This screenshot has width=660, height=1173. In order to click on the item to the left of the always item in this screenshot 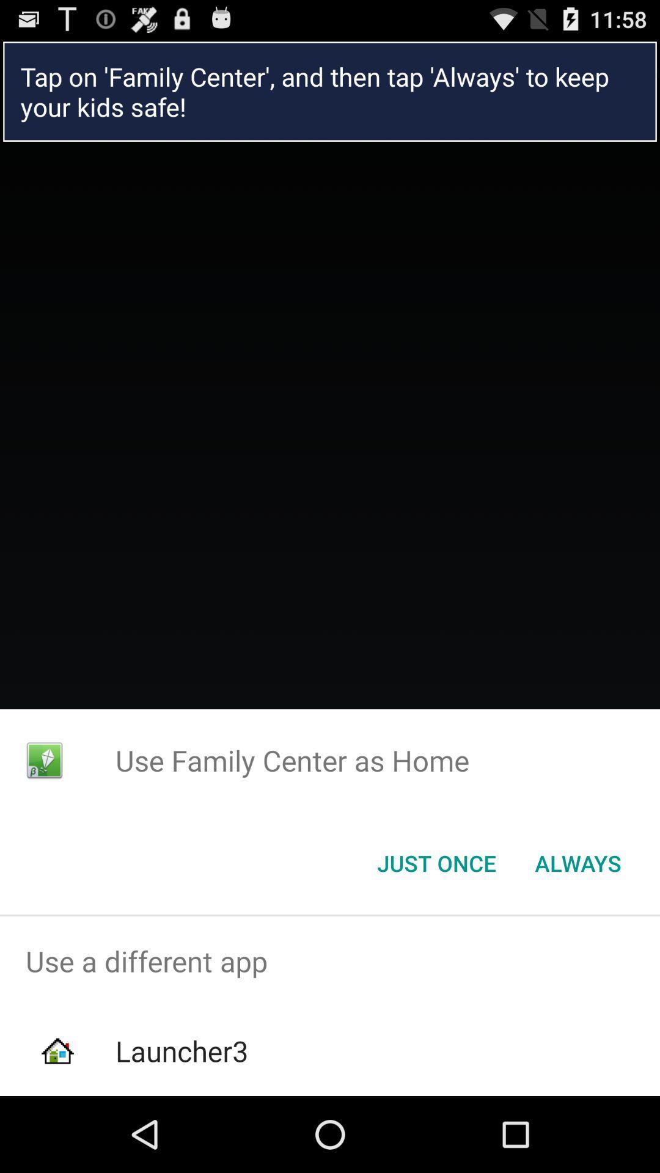, I will do `click(436, 862)`.